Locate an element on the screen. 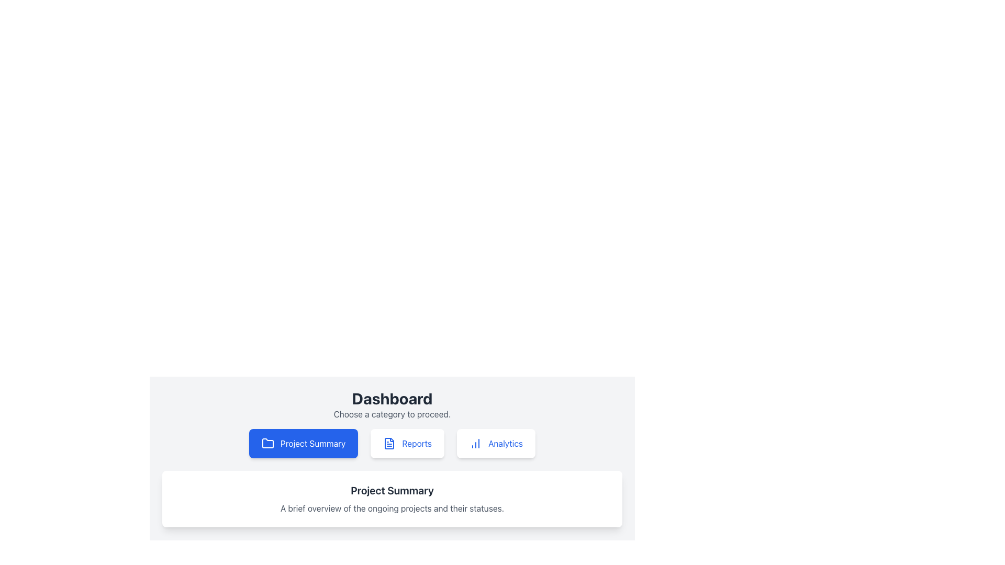 Image resolution: width=1005 pixels, height=565 pixels. text label displaying 'Reports' which is centrally positioned within a rounded white button, located between the 'Project Summary' and 'Analytics' buttons is located at coordinates (416, 444).